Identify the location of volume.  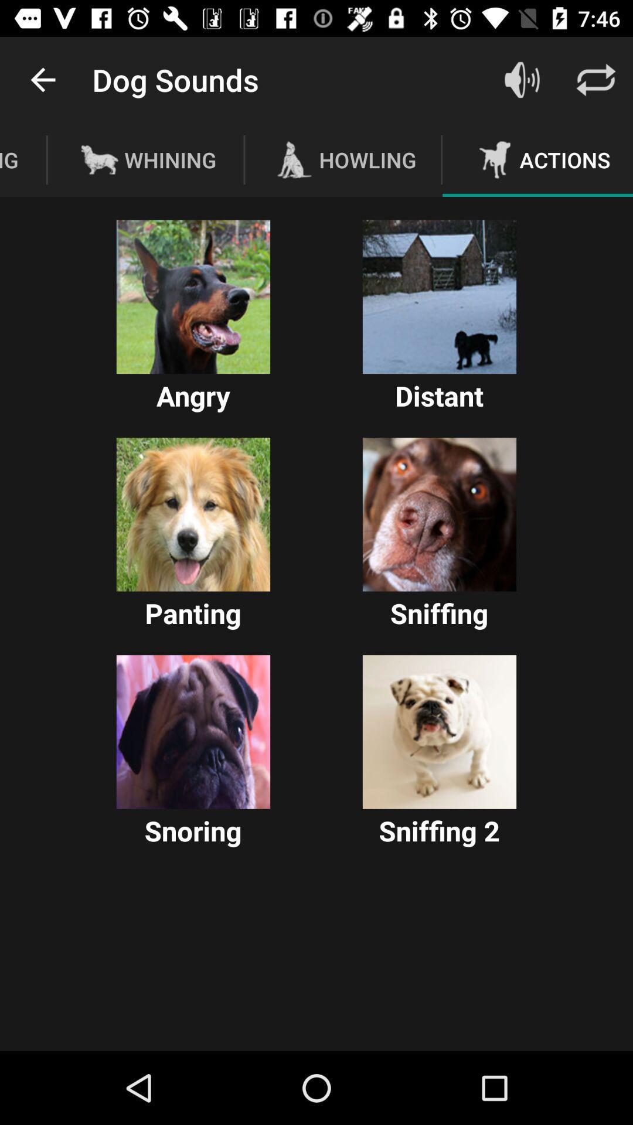
(522, 79).